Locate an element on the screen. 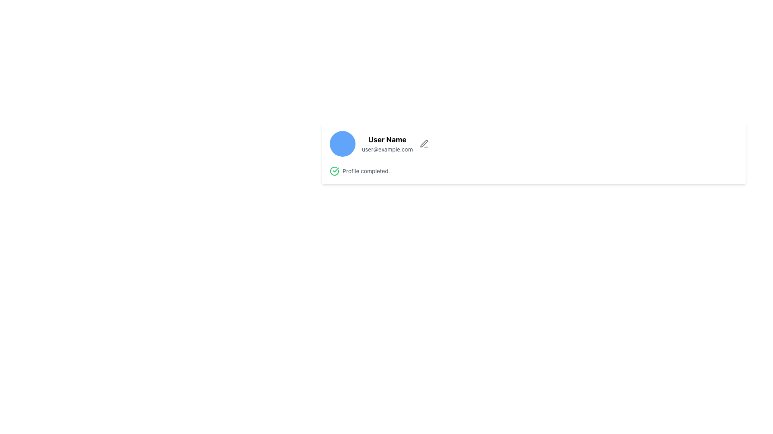 Image resolution: width=773 pixels, height=434 pixels. the editing icon located in the upper-right corner of the profile display area is located at coordinates (423, 143).